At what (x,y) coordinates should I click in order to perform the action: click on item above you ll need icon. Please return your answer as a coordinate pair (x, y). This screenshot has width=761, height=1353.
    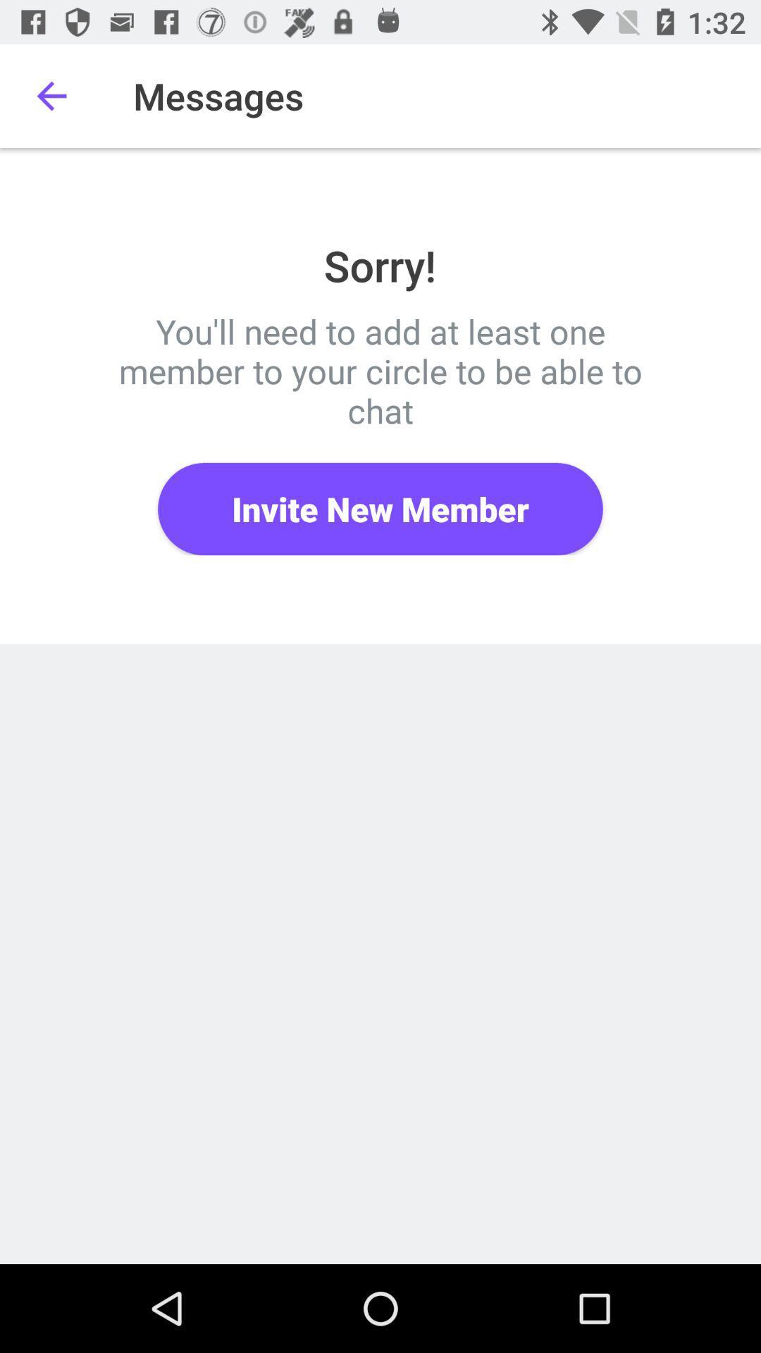
    Looking at the image, I should click on (51, 95).